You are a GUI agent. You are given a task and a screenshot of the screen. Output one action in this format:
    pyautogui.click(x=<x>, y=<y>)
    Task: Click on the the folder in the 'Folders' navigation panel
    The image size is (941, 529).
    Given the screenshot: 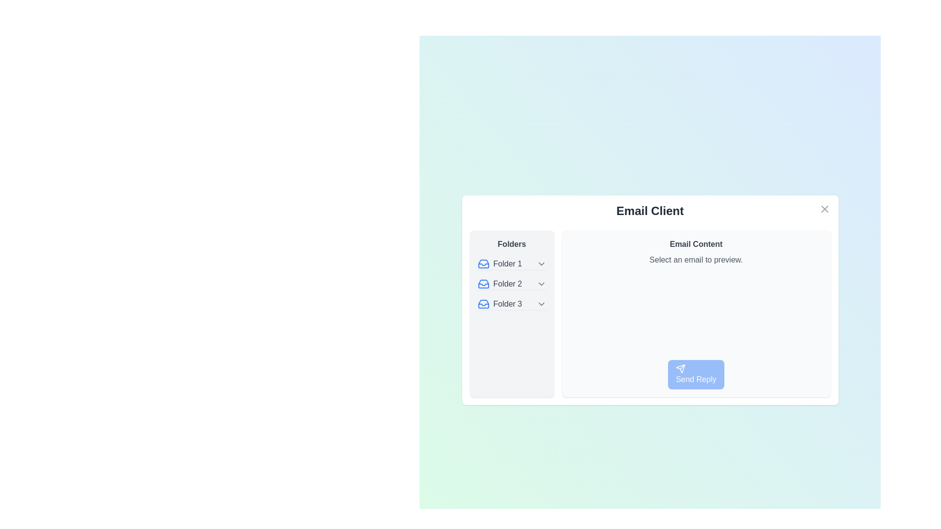 What is the action you would take?
    pyautogui.click(x=511, y=313)
    